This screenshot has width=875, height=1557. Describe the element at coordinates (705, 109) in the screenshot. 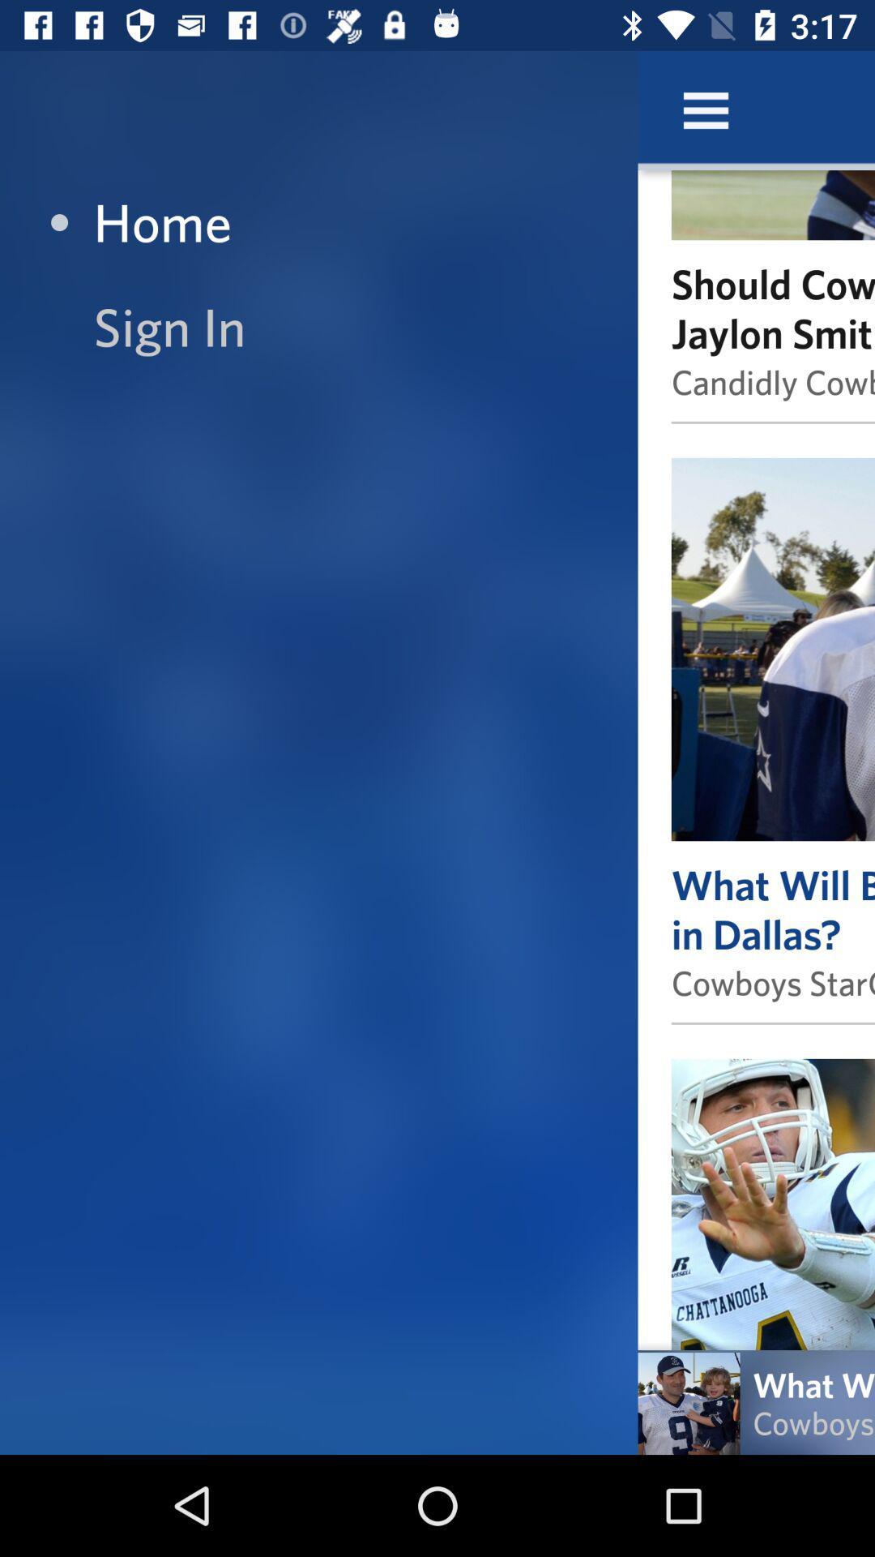

I see `open the options` at that location.